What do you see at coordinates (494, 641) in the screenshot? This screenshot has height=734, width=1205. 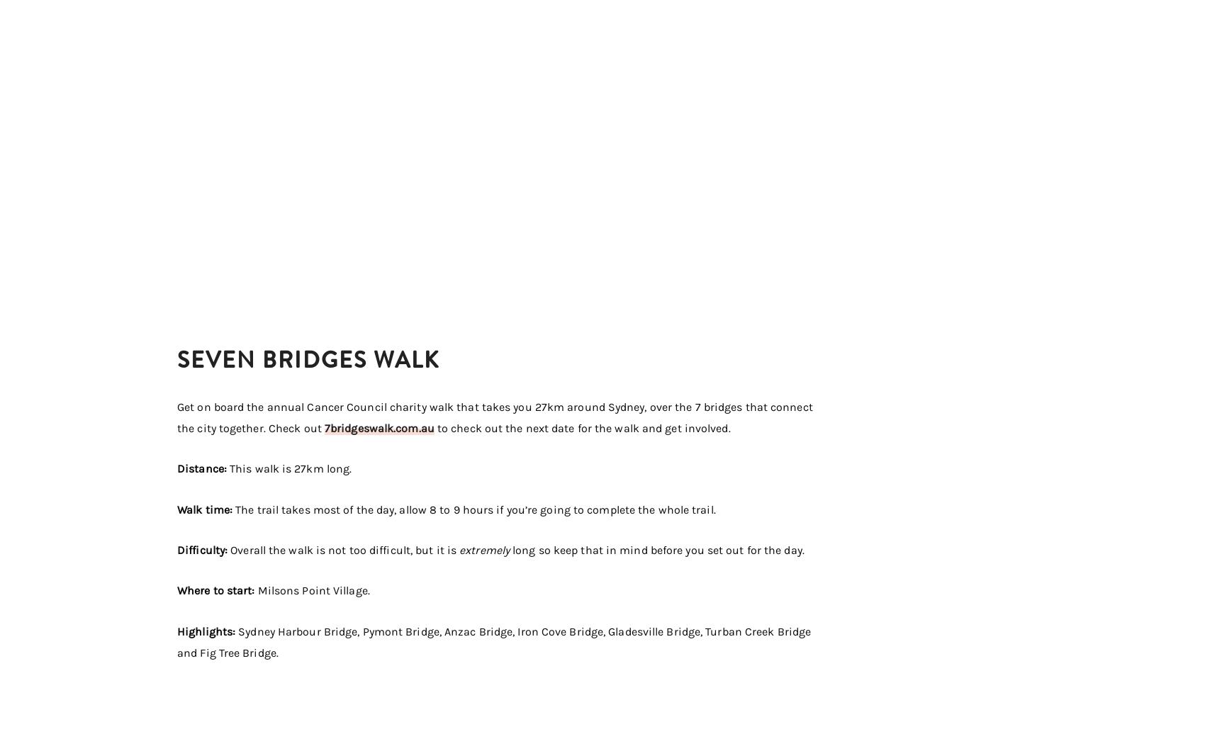 I see `'Sydney Harbour Bridge, Pymont Bridge, Anzac Bridge, Iron Cove Bridge, Gladesville Bridge, Turban Creek Bridge and Fig Tree Bridge.'` at bounding box center [494, 641].